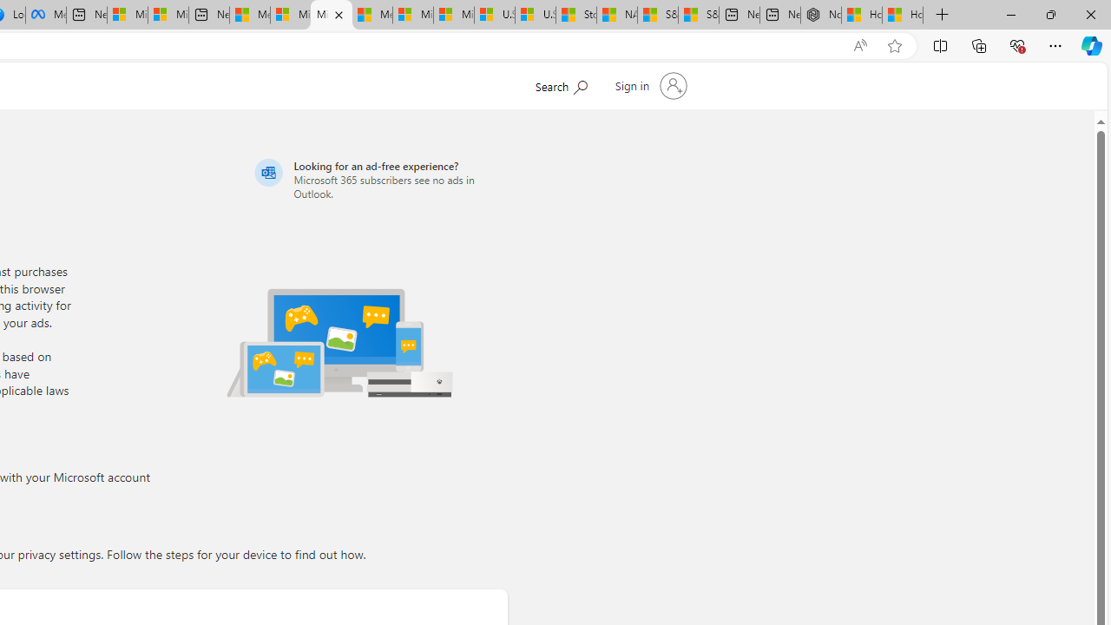 The height and width of the screenshot is (625, 1111). Describe the element at coordinates (561, 84) in the screenshot. I see `'Search Microsoft.com'` at that location.